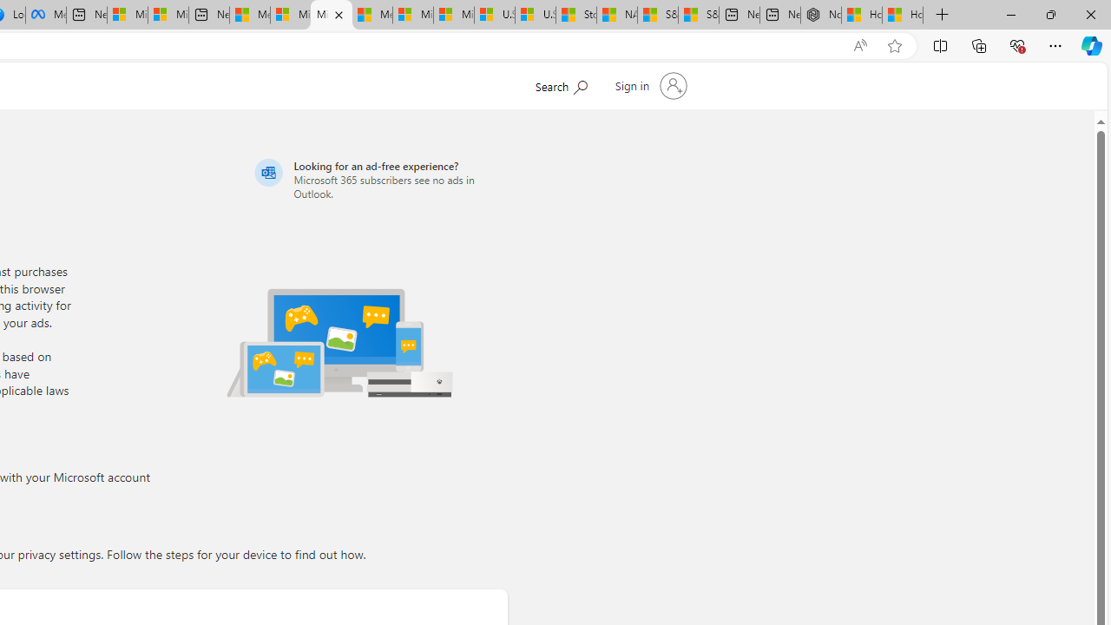 The height and width of the screenshot is (625, 1111). Describe the element at coordinates (561, 84) in the screenshot. I see `'Search Microsoft.com'` at that location.